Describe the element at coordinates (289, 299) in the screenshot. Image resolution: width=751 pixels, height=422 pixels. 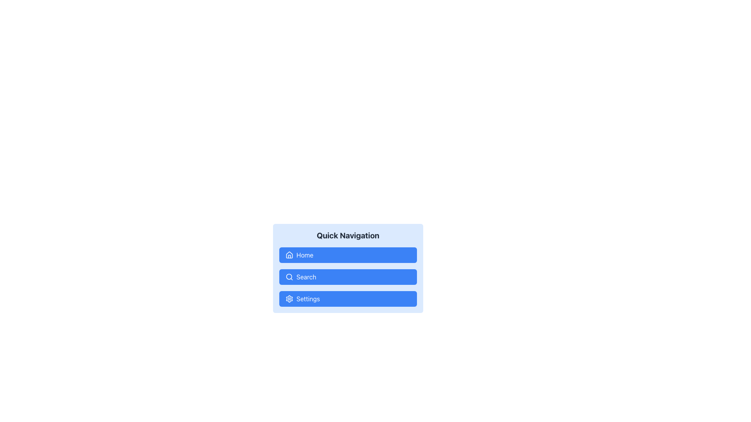
I see `the gear icon in the 'Quick Navigation' section` at that location.